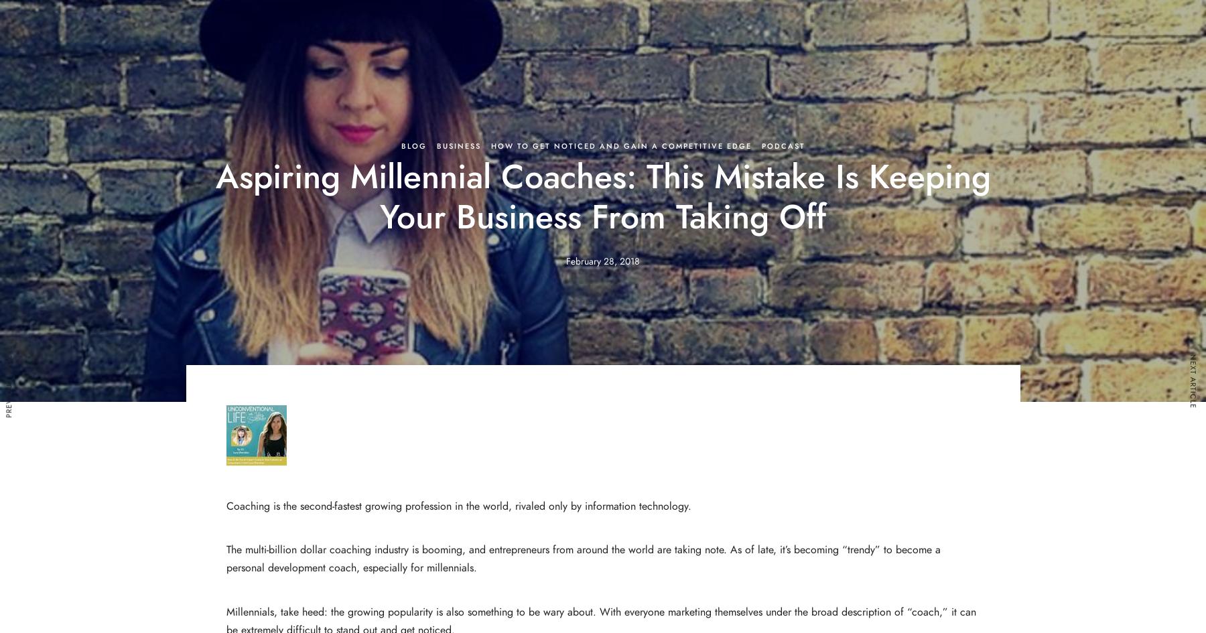 This screenshot has height=633, width=1206. I want to click on 'February 28, 2018', so click(603, 261).